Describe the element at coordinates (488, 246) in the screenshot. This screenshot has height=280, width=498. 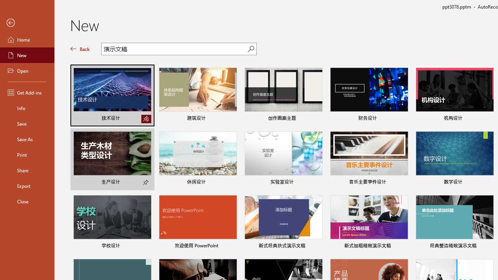
I see `'Pin to list'` at that location.